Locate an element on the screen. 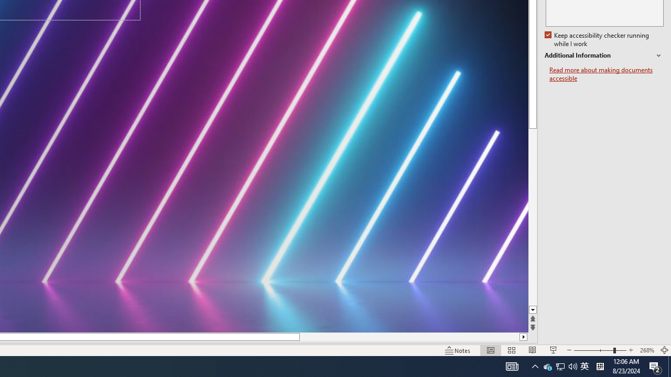 This screenshot has height=377, width=671. 'Zoom In' is located at coordinates (631, 350).